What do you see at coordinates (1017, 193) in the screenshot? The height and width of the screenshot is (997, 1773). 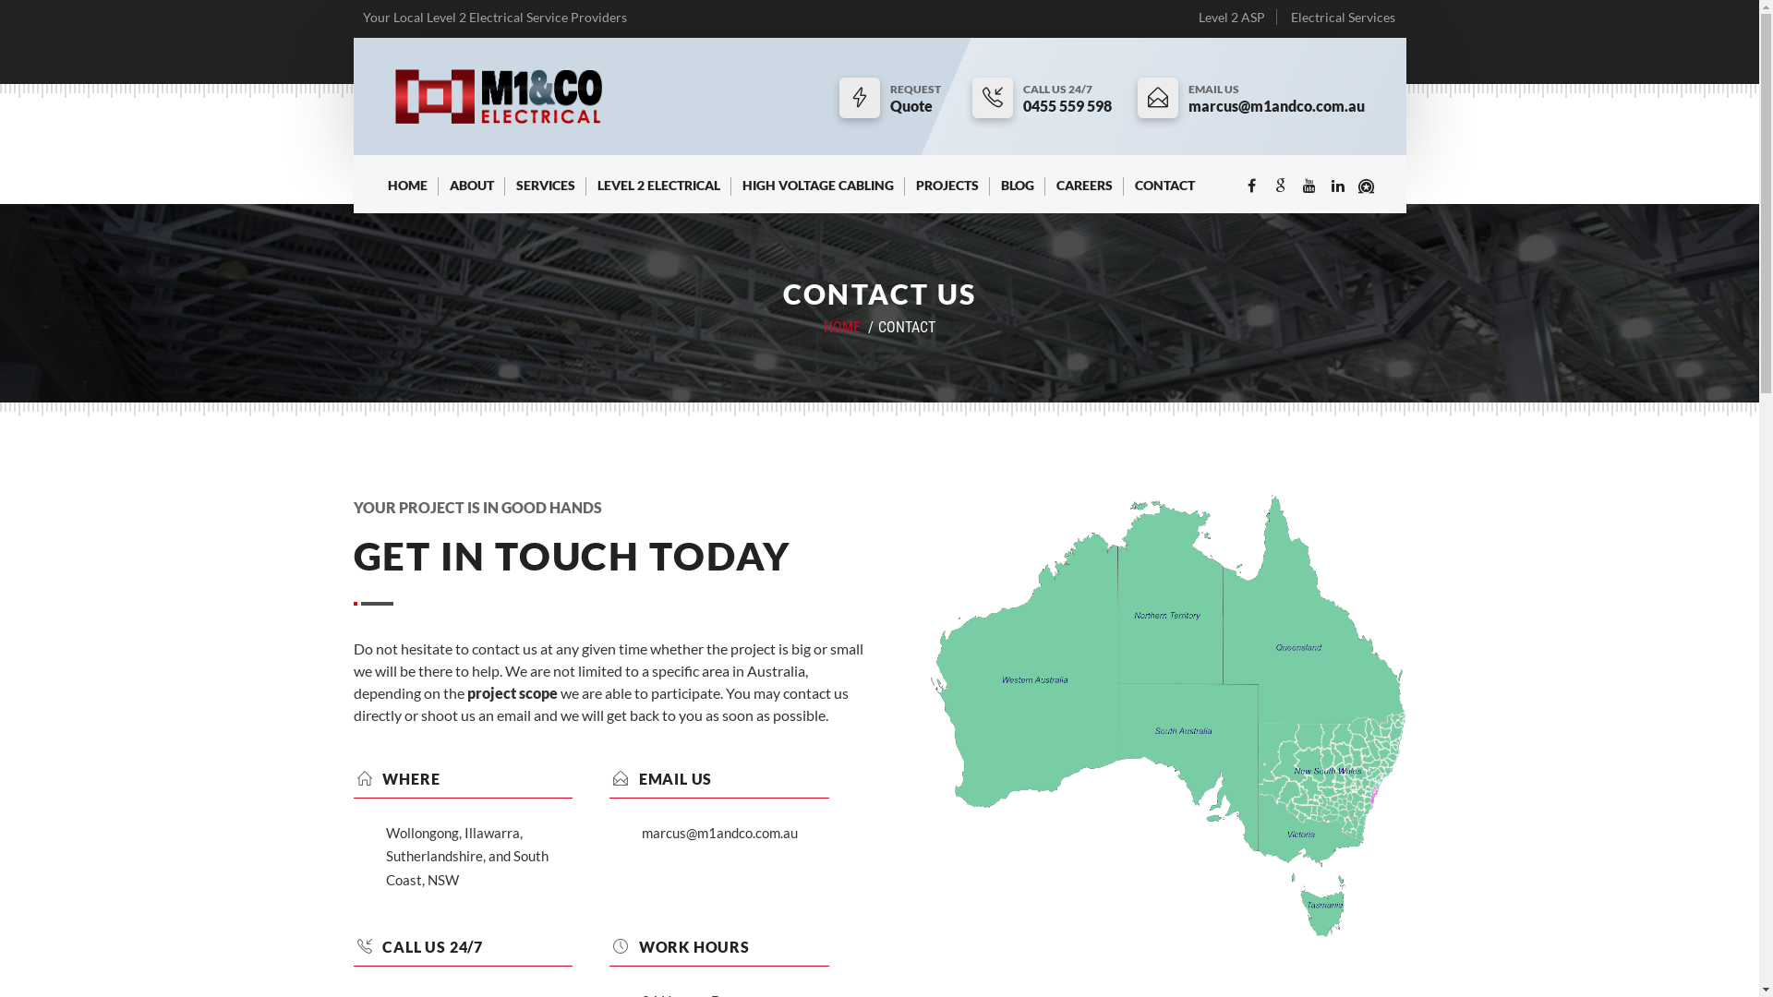 I see `'BLOG'` at bounding box center [1017, 193].